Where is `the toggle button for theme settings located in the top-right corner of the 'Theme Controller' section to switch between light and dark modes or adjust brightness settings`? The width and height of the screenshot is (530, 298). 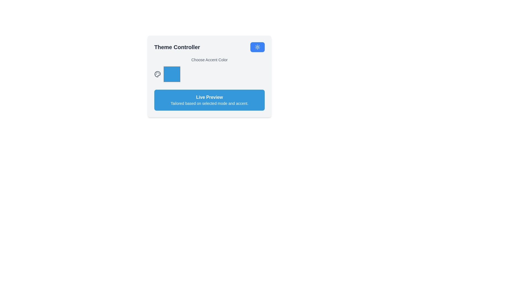
the toggle button for theme settings located in the top-right corner of the 'Theme Controller' section to switch between light and dark modes or adjust brightness settings is located at coordinates (257, 47).